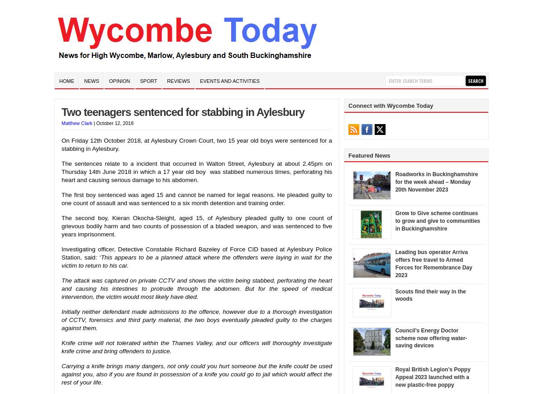 The image size is (543, 394). What do you see at coordinates (197, 319) in the screenshot?
I see `'Initially neither defendant made admissions to the offence, however due to a thorough investigation of CCTV, forensics and third party material, the two boys eventually pleaded guilty to the charges against them.'` at bounding box center [197, 319].